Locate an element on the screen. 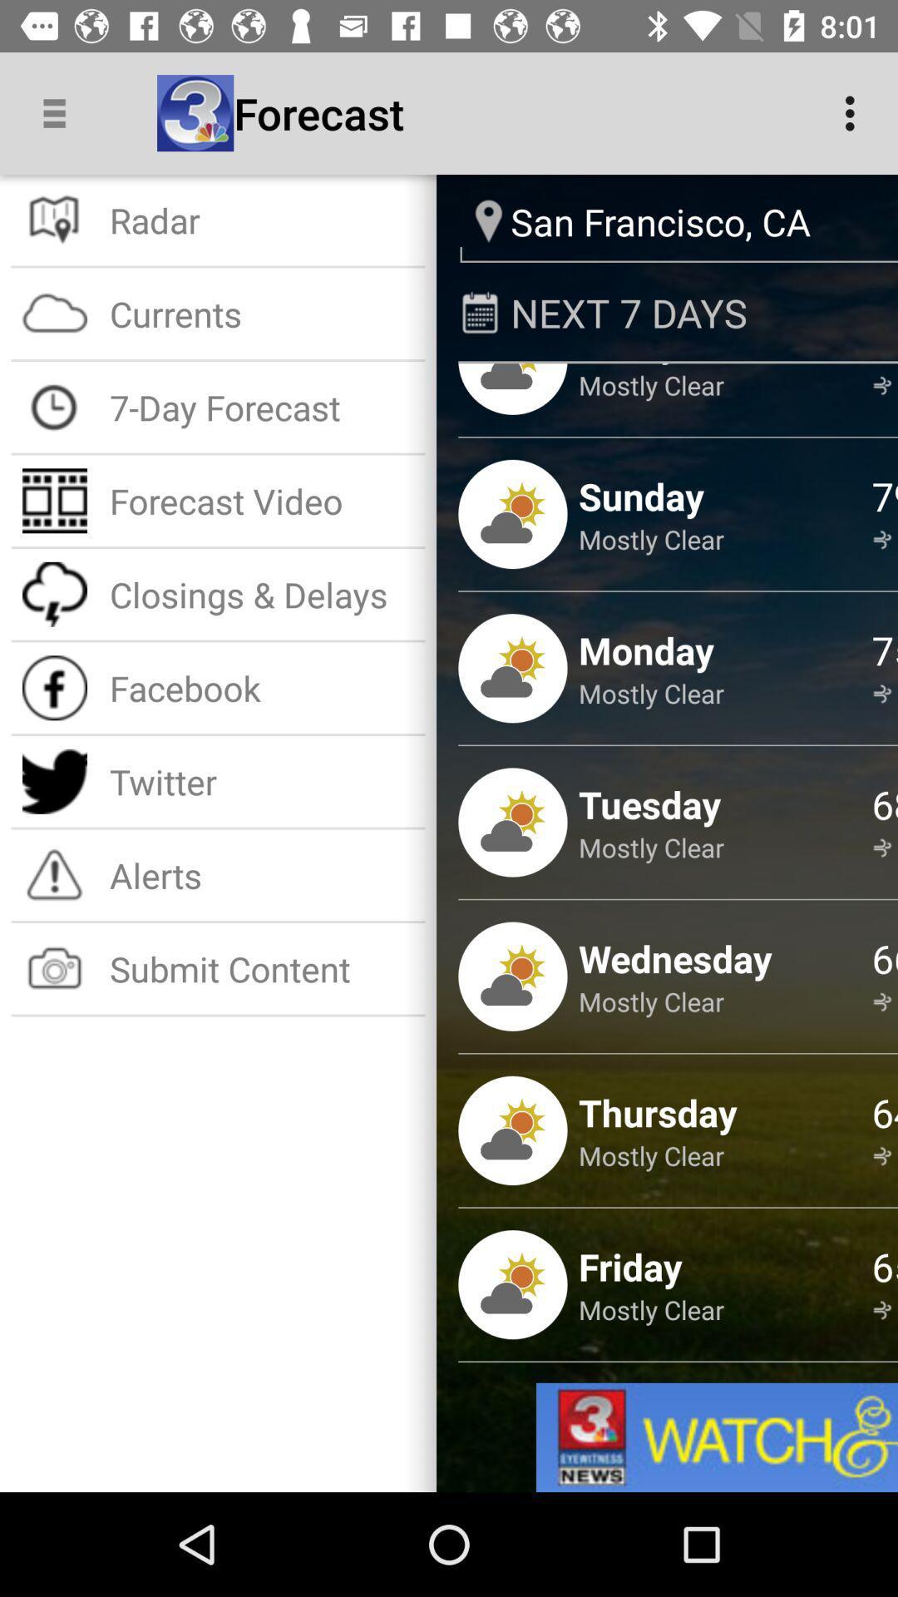 This screenshot has height=1597, width=898. the twitter is located at coordinates (262, 780).